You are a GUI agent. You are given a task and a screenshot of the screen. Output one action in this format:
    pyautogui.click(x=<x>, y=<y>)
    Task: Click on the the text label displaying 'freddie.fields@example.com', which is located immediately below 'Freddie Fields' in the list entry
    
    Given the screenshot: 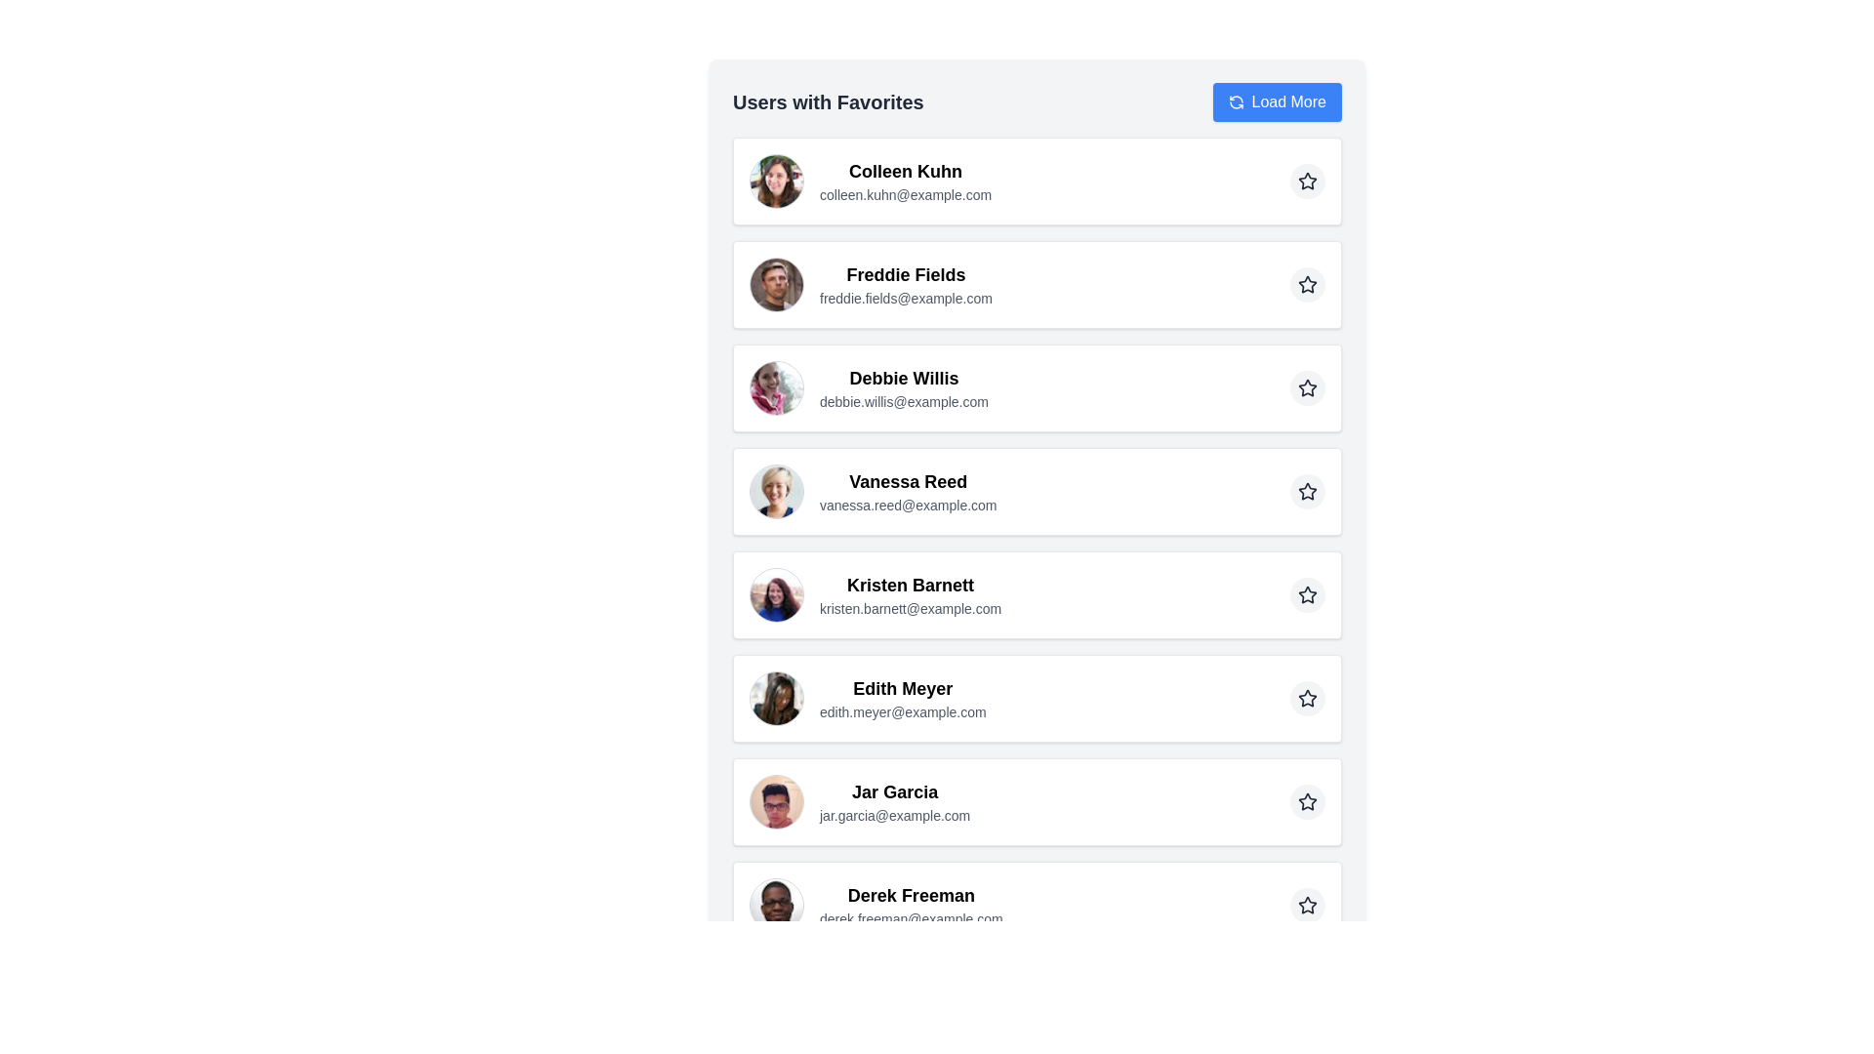 What is the action you would take?
    pyautogui.click(x=905, y=298)
    